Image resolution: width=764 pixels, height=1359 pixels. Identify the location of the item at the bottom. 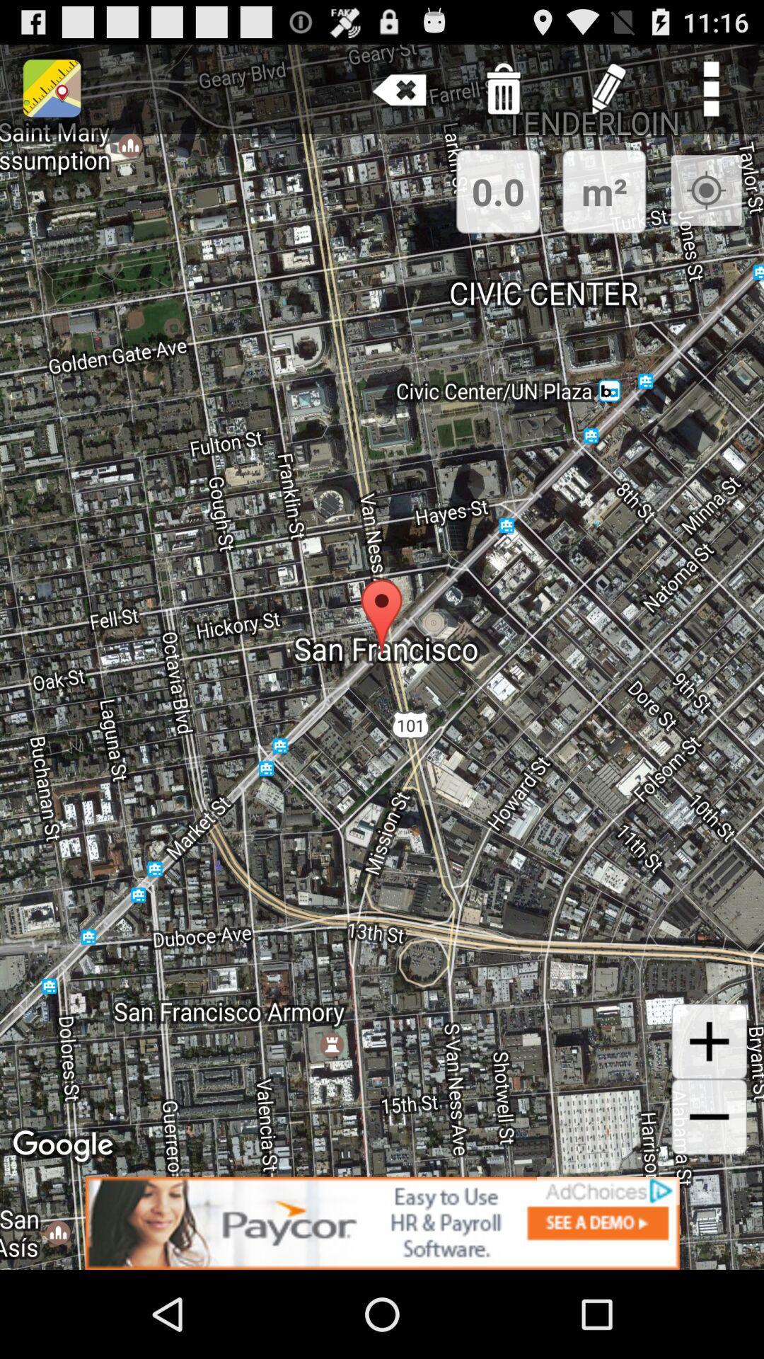
(382, 1222).